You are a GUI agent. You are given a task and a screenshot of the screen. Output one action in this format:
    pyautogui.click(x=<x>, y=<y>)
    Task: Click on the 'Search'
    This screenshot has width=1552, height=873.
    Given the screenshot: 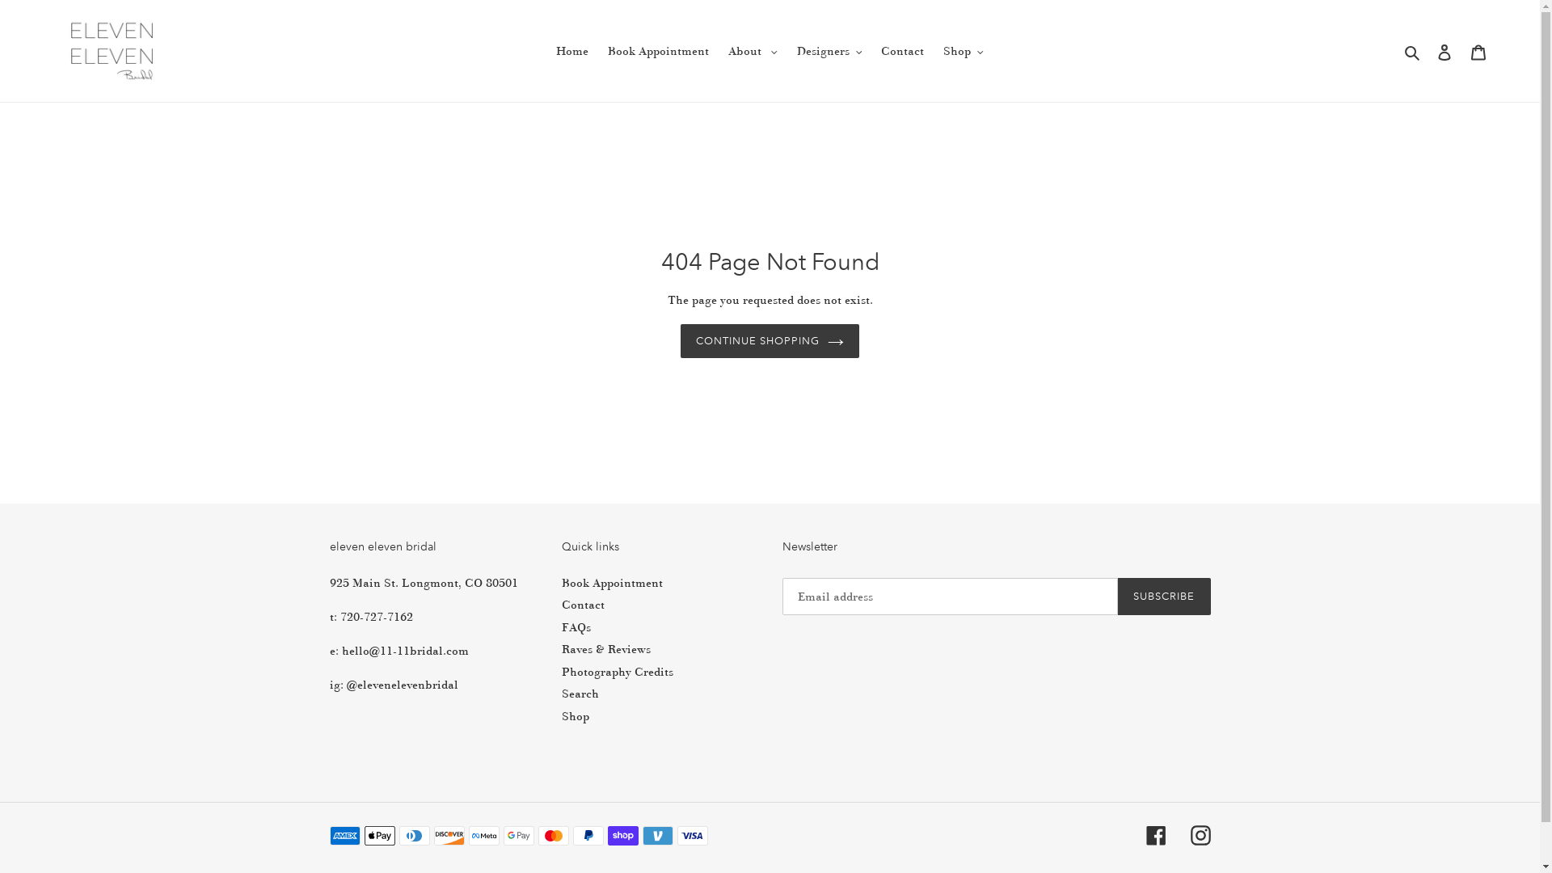 What is the action you would take?
    pyautogui.click(x=562, y=692)
    